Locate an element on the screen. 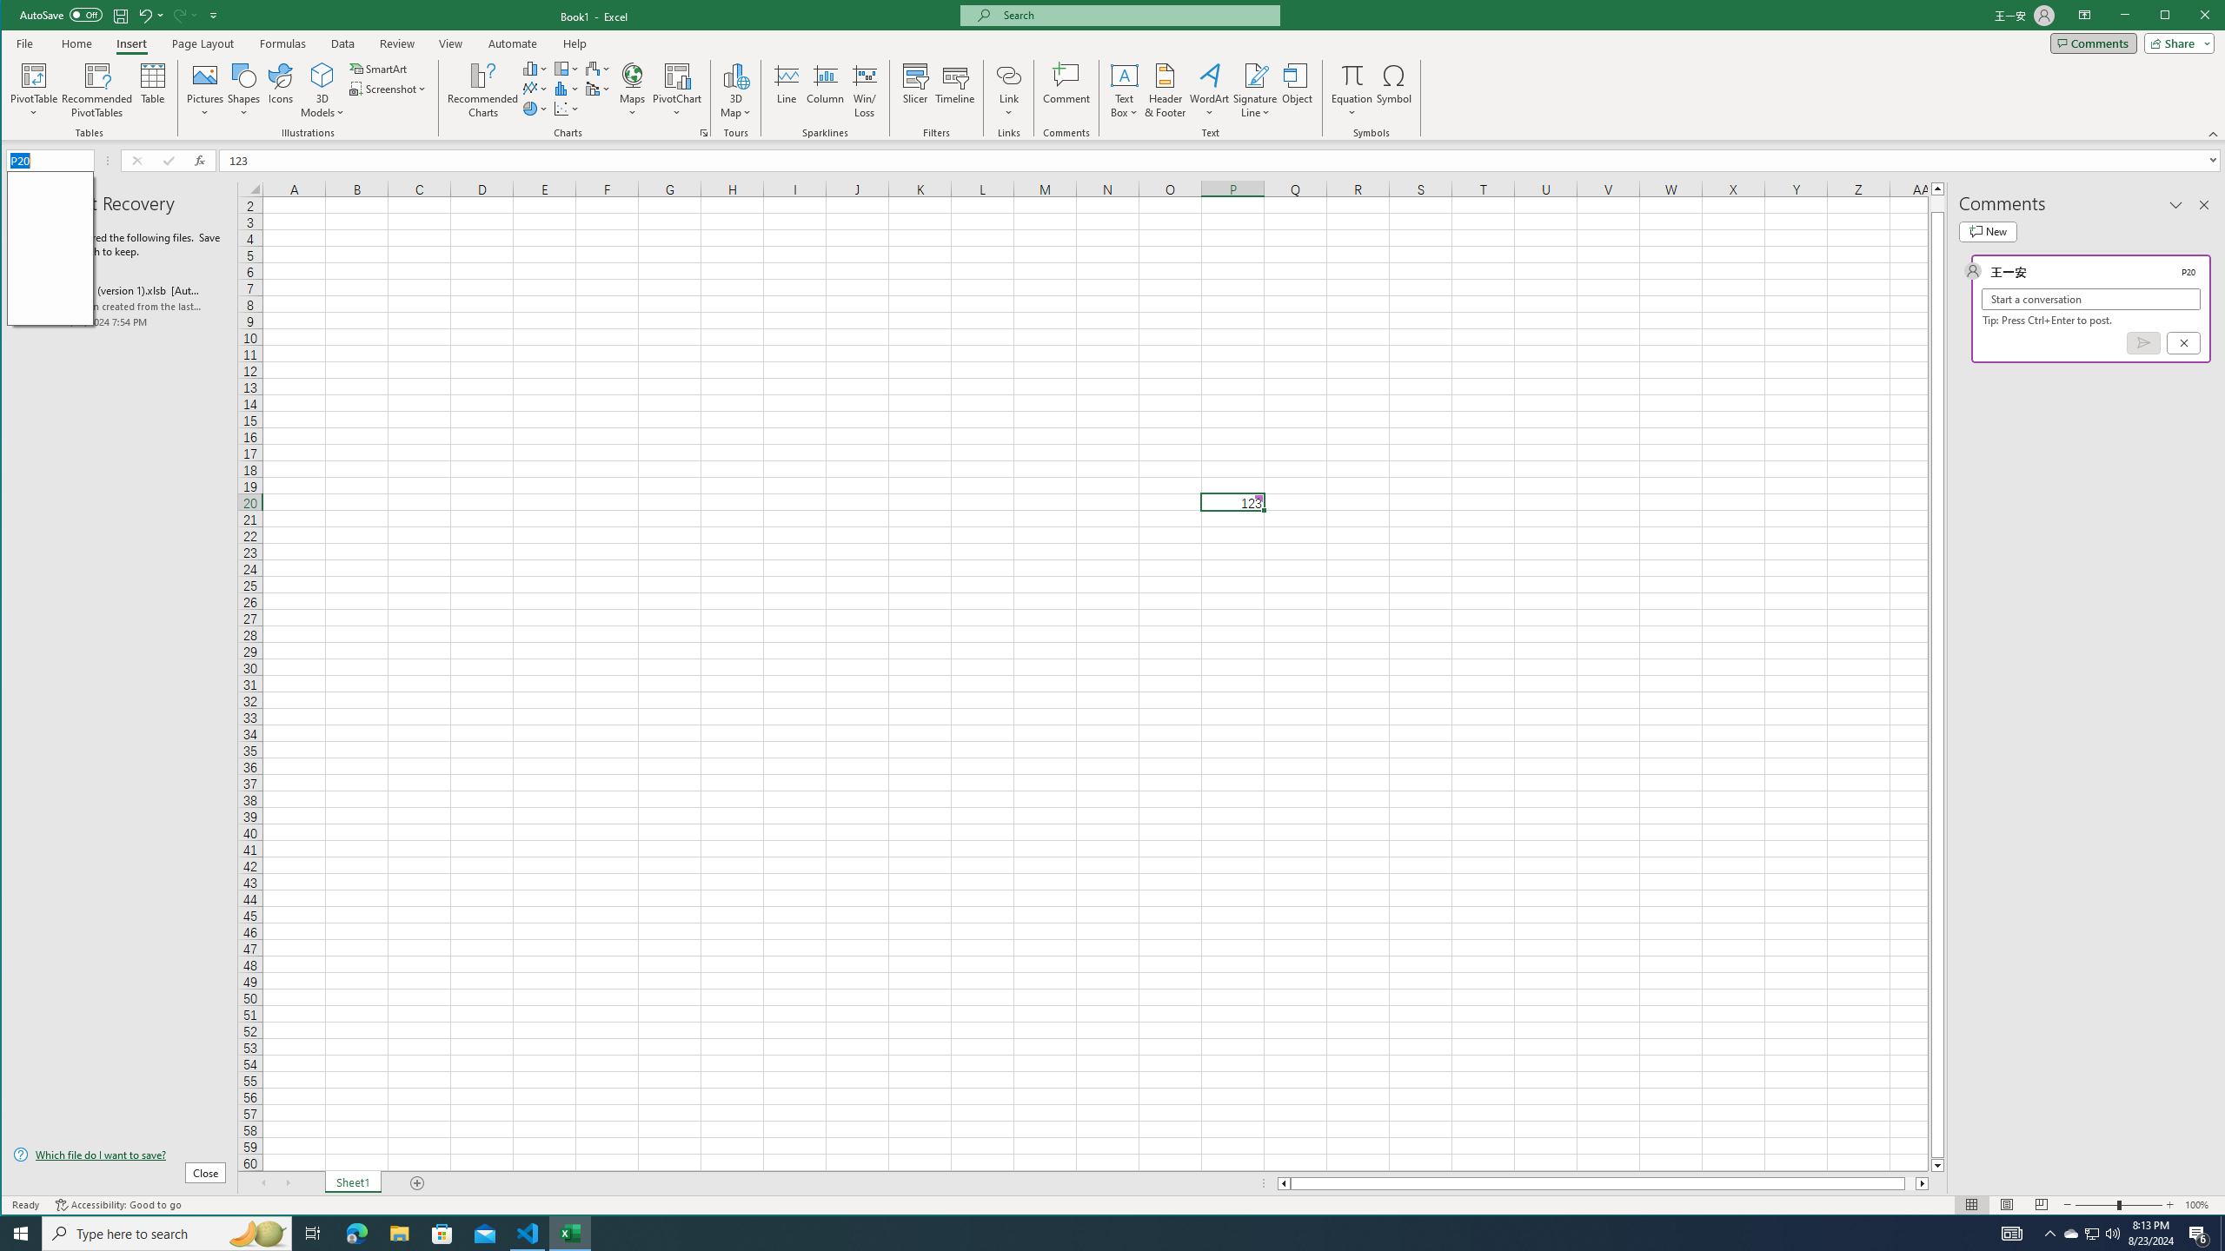 This screenshot has height=1251, width=2225. 'New comment' is located at coordinates (1987, 232).